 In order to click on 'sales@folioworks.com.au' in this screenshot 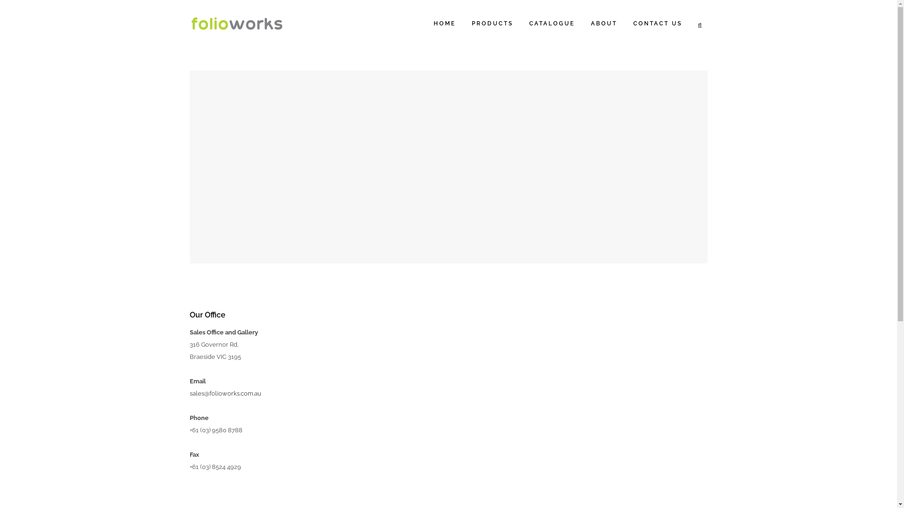, I will do `click(225, 393)`.